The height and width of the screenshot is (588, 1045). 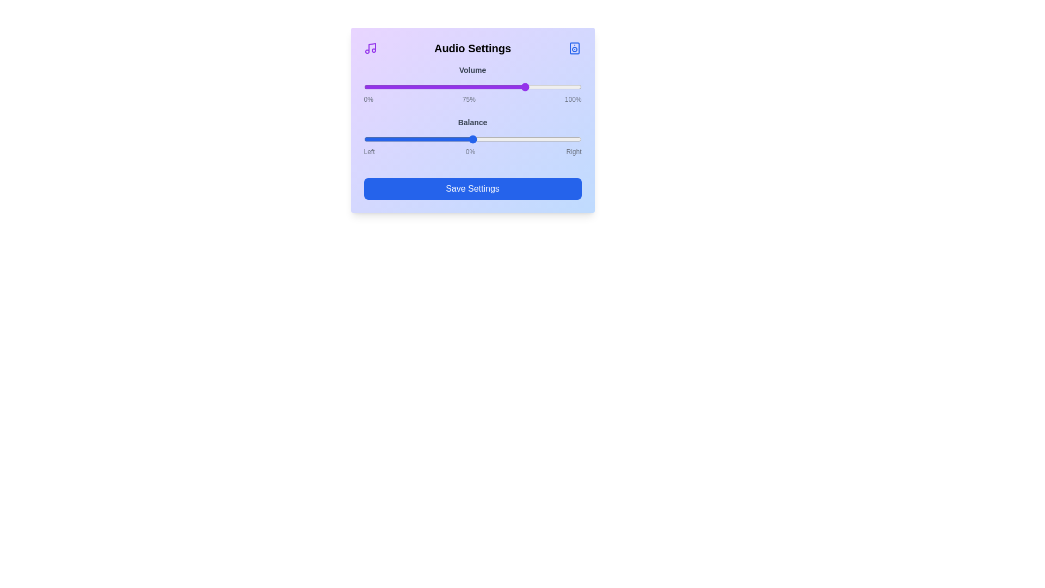 What do you see at coordinates (420, 86) in the screenshot?
I see `the volume slider to 26%` at bounding box center [420, 86].